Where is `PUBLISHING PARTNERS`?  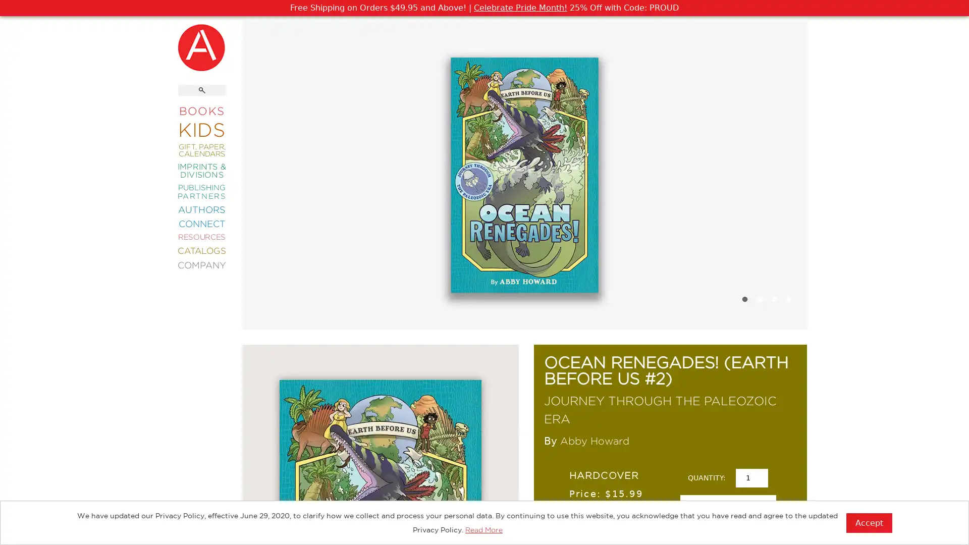
PUBLISHING PARTNERS is located at coordinates (201, 191).